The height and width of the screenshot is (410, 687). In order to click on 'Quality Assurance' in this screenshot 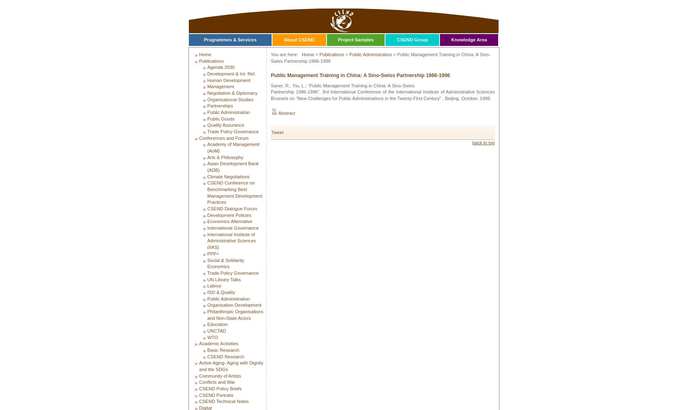, I will do `click(206, 125)`.